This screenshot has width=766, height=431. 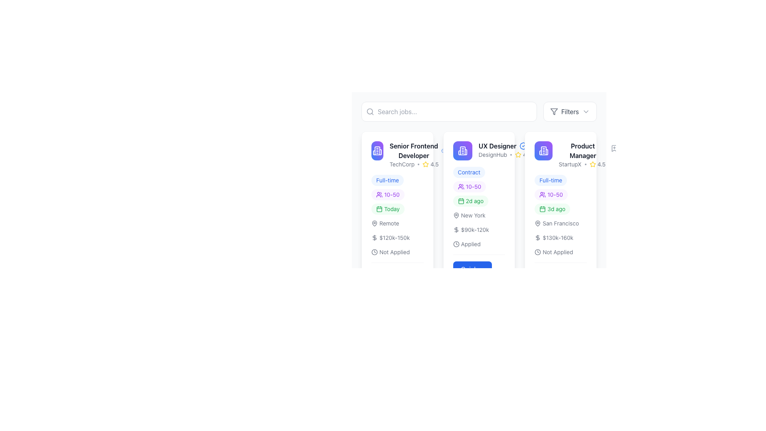 I want to click on the SVG Circle Element located at the top left corner of the interface, which is part of a search bar, so click(x=369, y=111).